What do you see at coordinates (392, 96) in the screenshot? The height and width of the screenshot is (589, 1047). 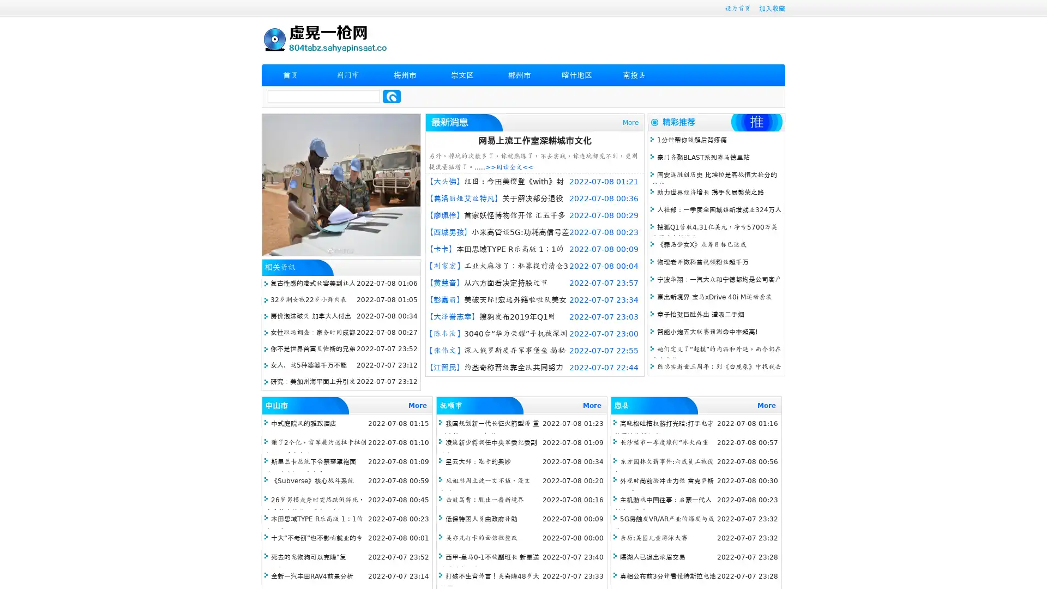 I see `Search` at bounding box center [392, 96].